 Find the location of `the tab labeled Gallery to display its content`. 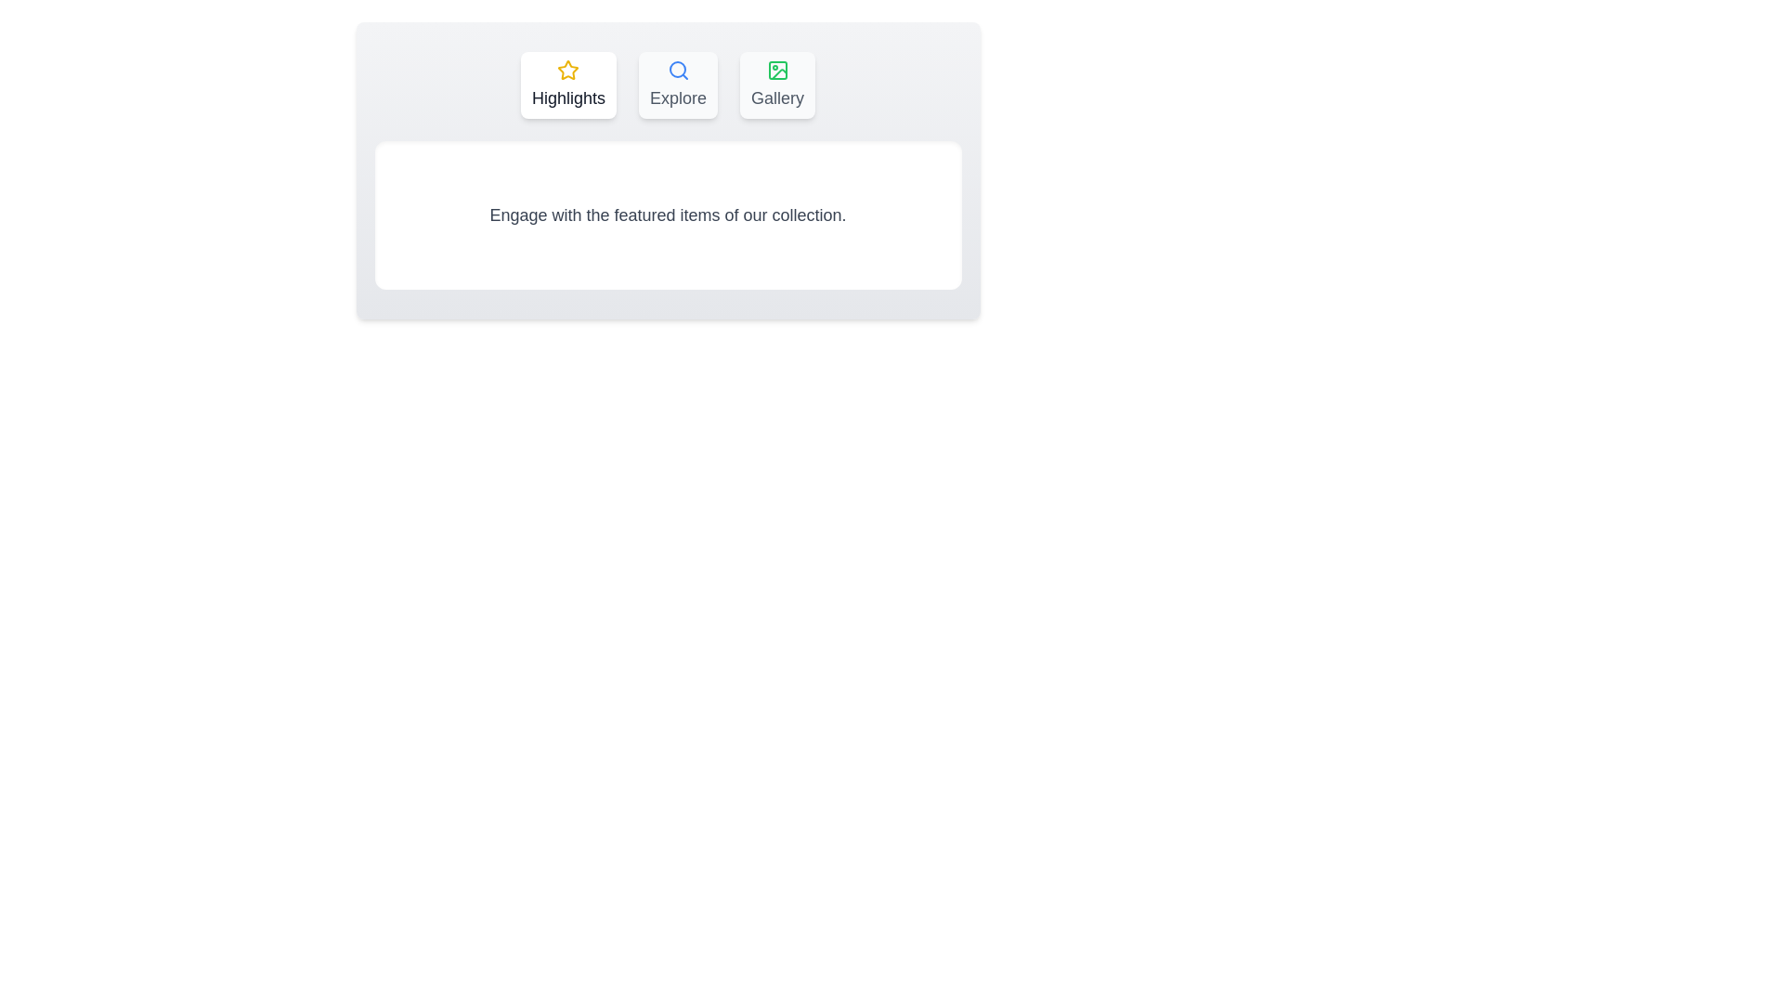

the tab labeled Gallery to display its content is located at coordinates (776, 85).